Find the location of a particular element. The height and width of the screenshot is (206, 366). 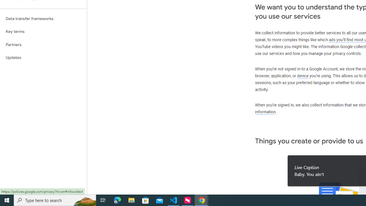

'Key terms' is located at coordinates (43, 31).